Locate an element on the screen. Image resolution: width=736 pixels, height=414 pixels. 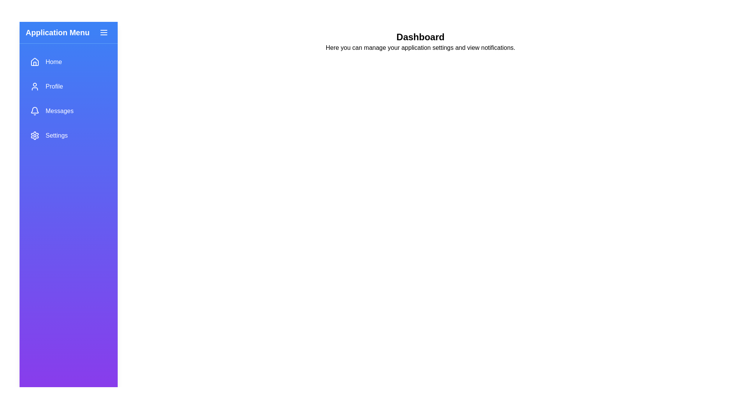
the 'Home' text label in the vertical navigation menu is located at coordinates (53, 62).